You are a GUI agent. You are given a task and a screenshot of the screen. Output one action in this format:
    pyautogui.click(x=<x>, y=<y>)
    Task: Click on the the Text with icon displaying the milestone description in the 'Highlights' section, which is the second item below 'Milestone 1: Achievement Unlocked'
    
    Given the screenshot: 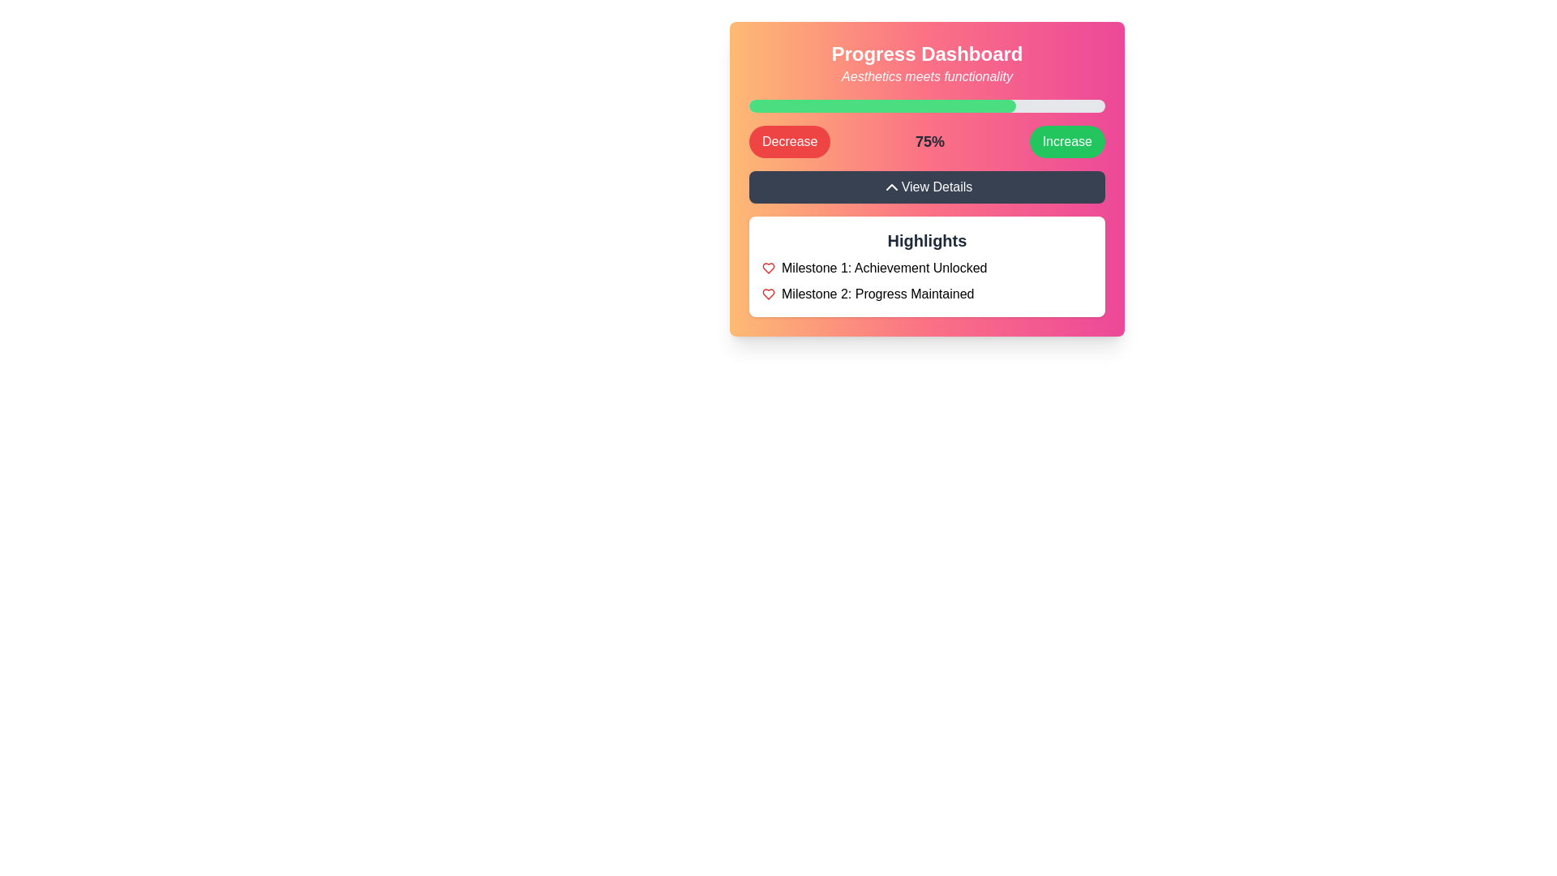 What is the action you would take?
    pyautogui.click(x=927, y=294)
    